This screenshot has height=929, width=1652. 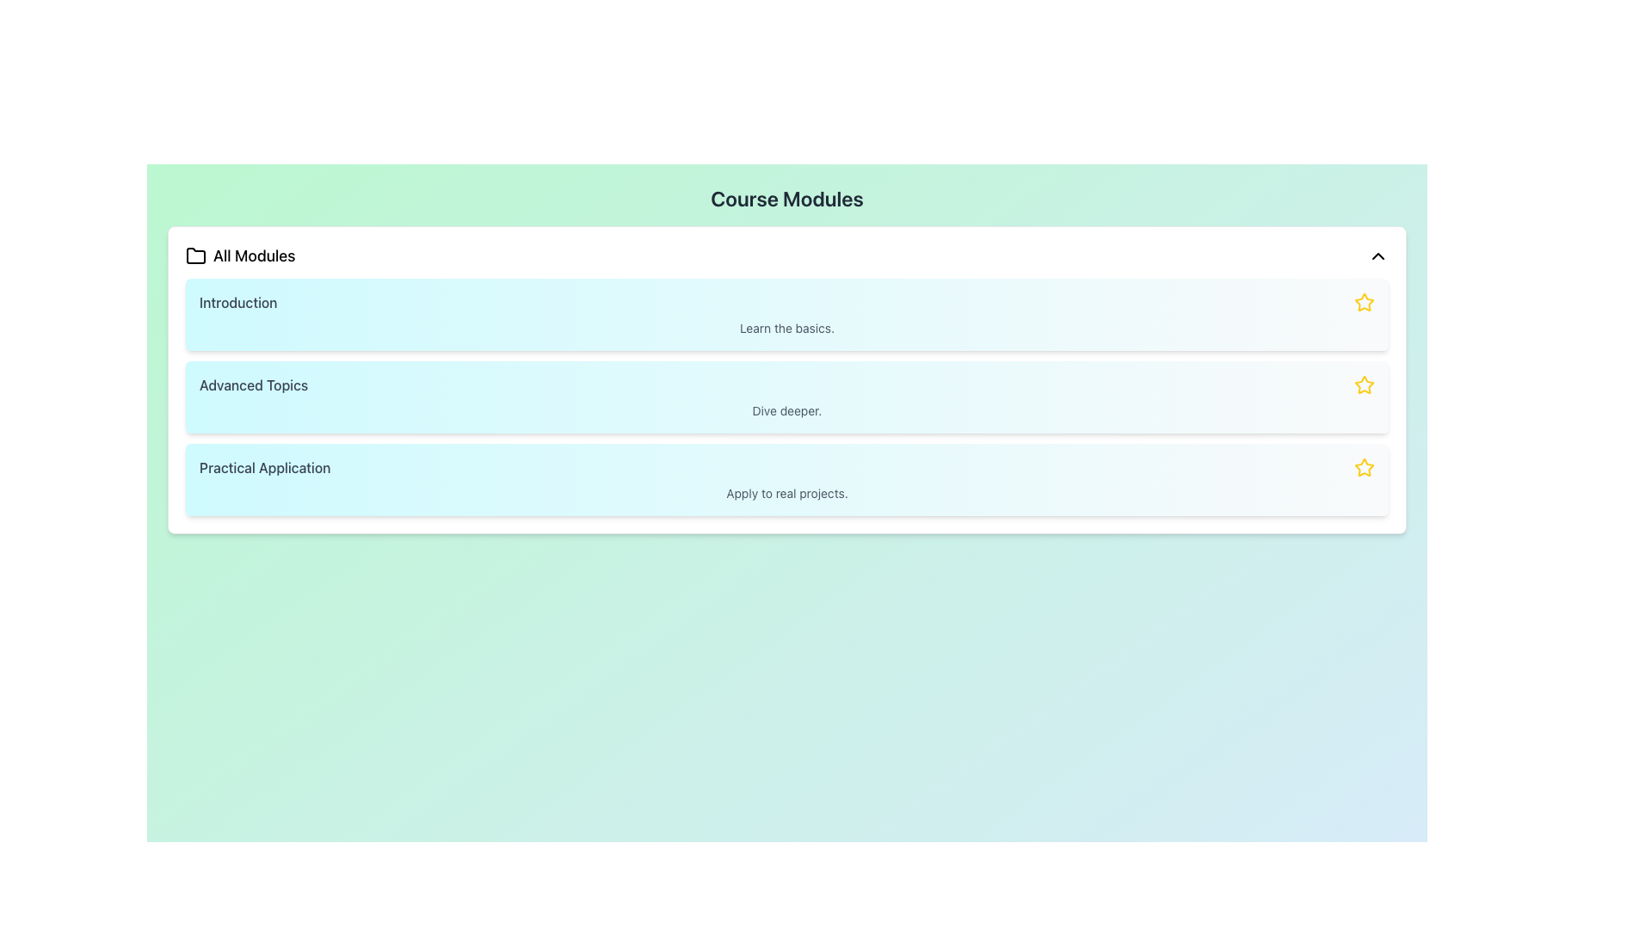 What do you see at coordinates (1363, 384) in the screenshot?
I see `the yellow star icon associated with the third item in the 'Practical Application' list` at bounding box center [1363, 384].